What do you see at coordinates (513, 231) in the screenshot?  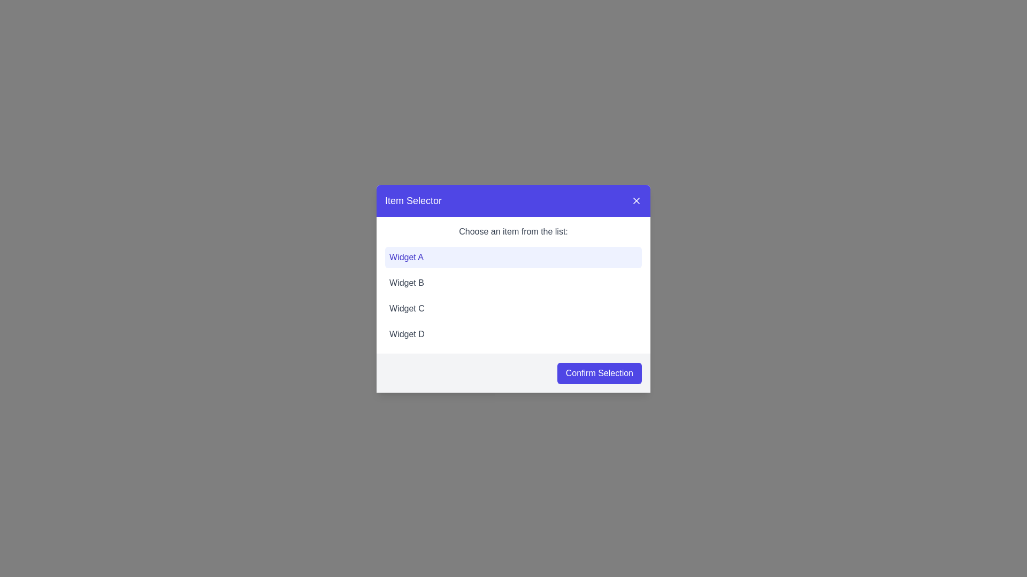 I see `the instructional text that reads 'Choose an item from the list:', which is styled with a gray font color and located below the title bar of the modal` at bounding box center [513, 231].